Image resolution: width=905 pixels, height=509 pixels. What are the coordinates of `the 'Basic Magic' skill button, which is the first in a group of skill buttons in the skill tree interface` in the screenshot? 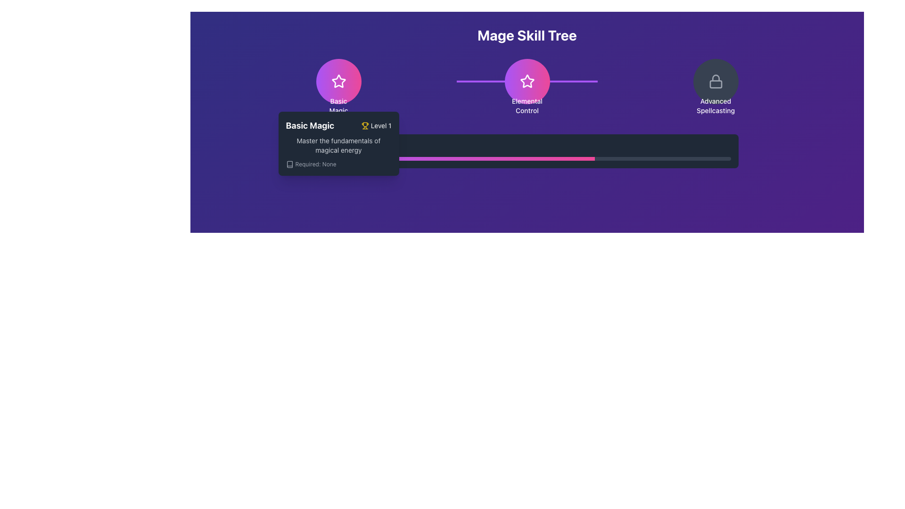 It's located at (338, 81).